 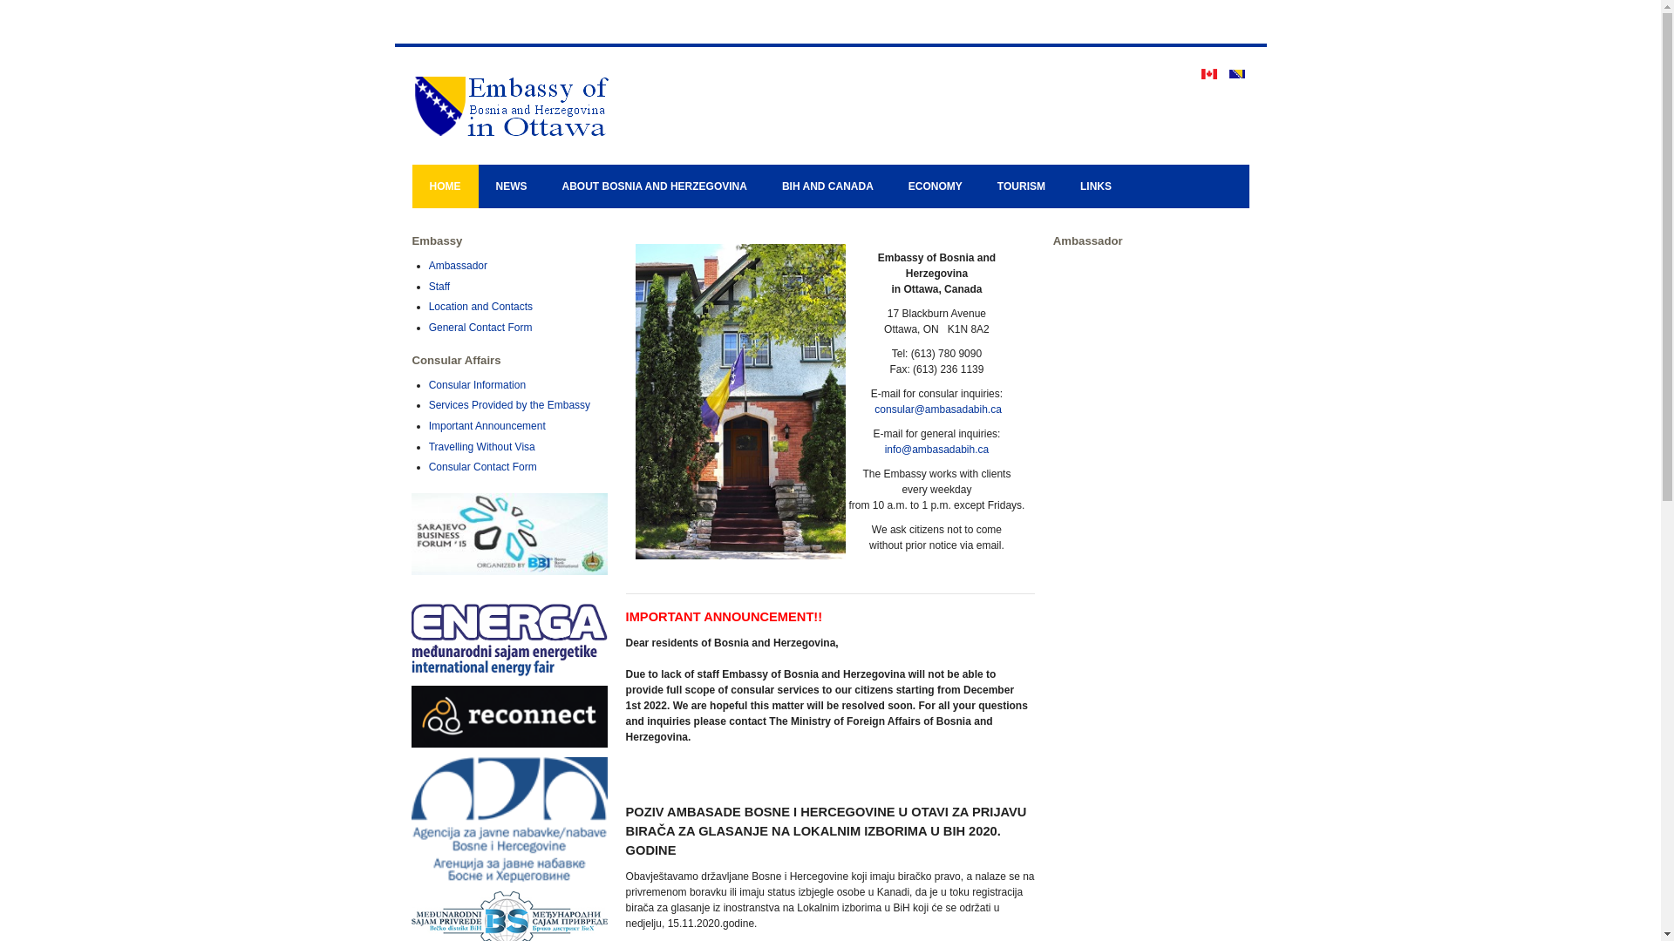 I want to click on 'Important Announcement', so click(x=487, y=426).